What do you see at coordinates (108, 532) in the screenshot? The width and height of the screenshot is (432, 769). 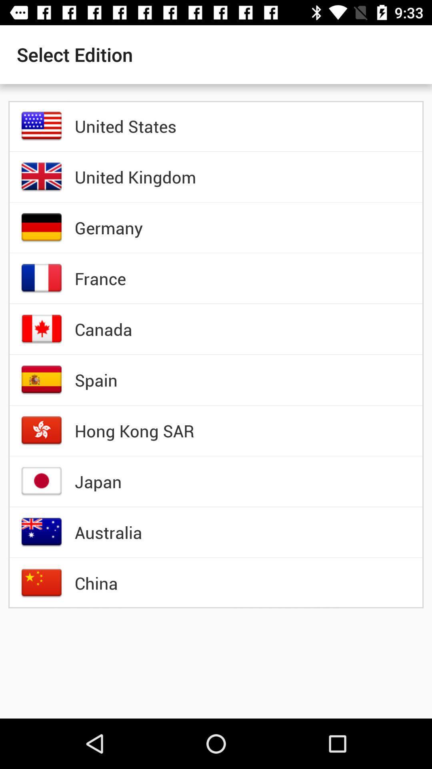 I see `australia` at bounding box center [108, 532].